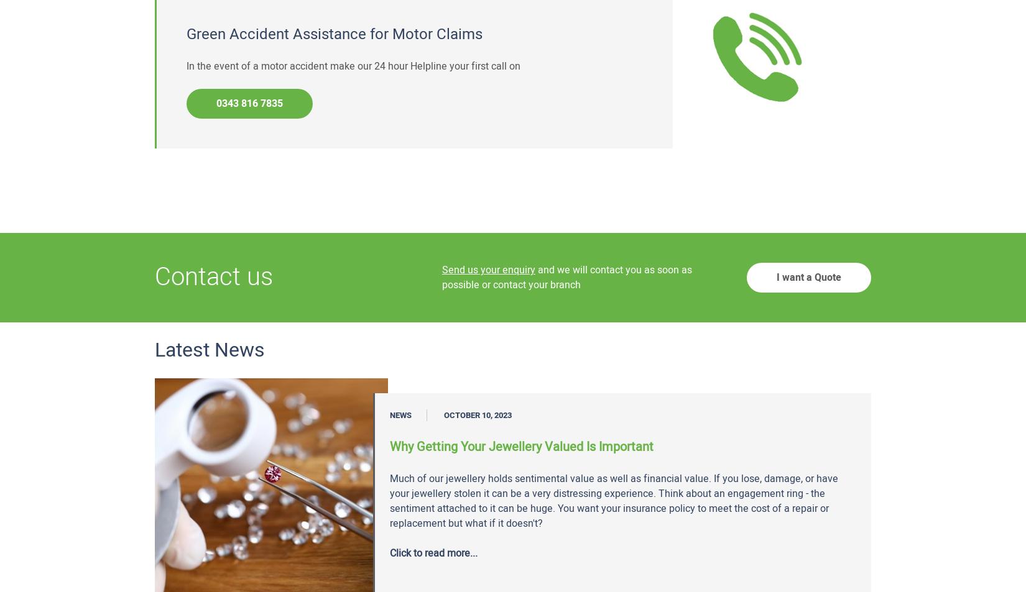  What do you see at coordinates (522, 447) in the screenshot?
I see `'Why Getting Your Jewellery Valued Is Important'` at bounding box center [522, 447].